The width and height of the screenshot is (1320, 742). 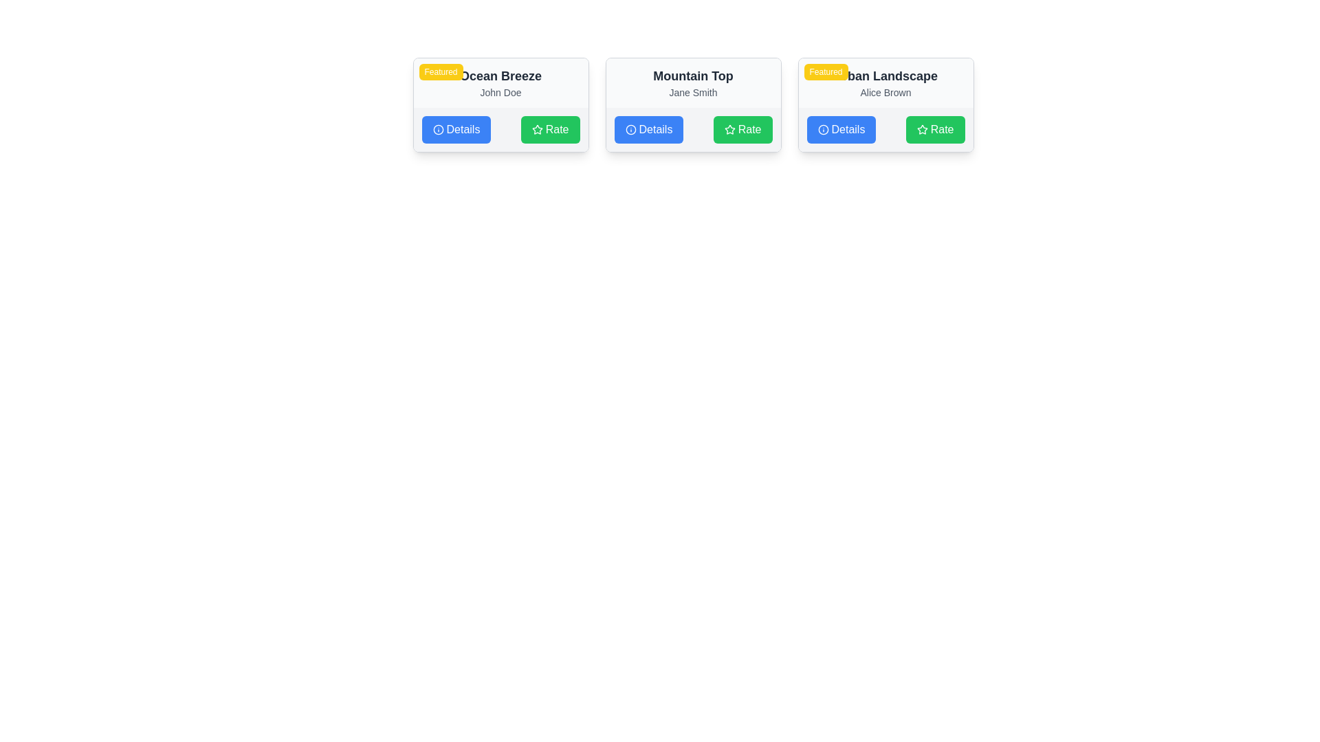 I want to click on the blue button with rounded corners labeled 'Details' in the 'Urban Landscape' panel, so click(x=841, y=130).